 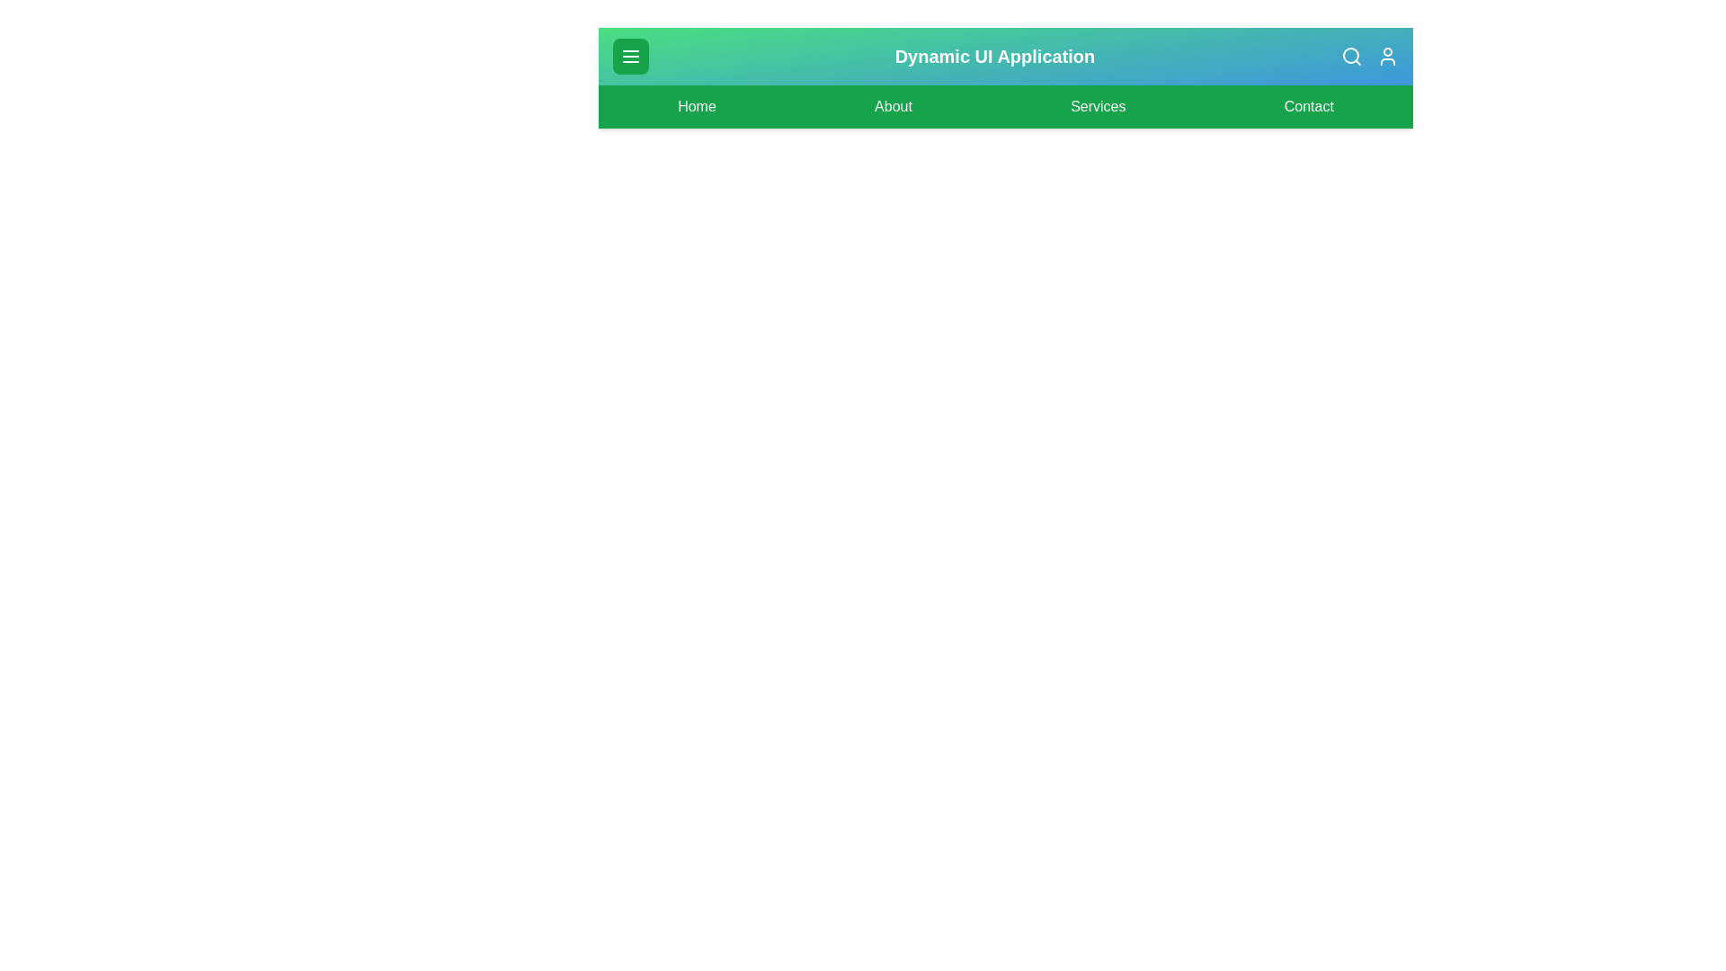 What do you see at coordinates (630, 55) in the screenshot?
I see `menu button to toggle the navigation menu` at bounding box center [630, 55].